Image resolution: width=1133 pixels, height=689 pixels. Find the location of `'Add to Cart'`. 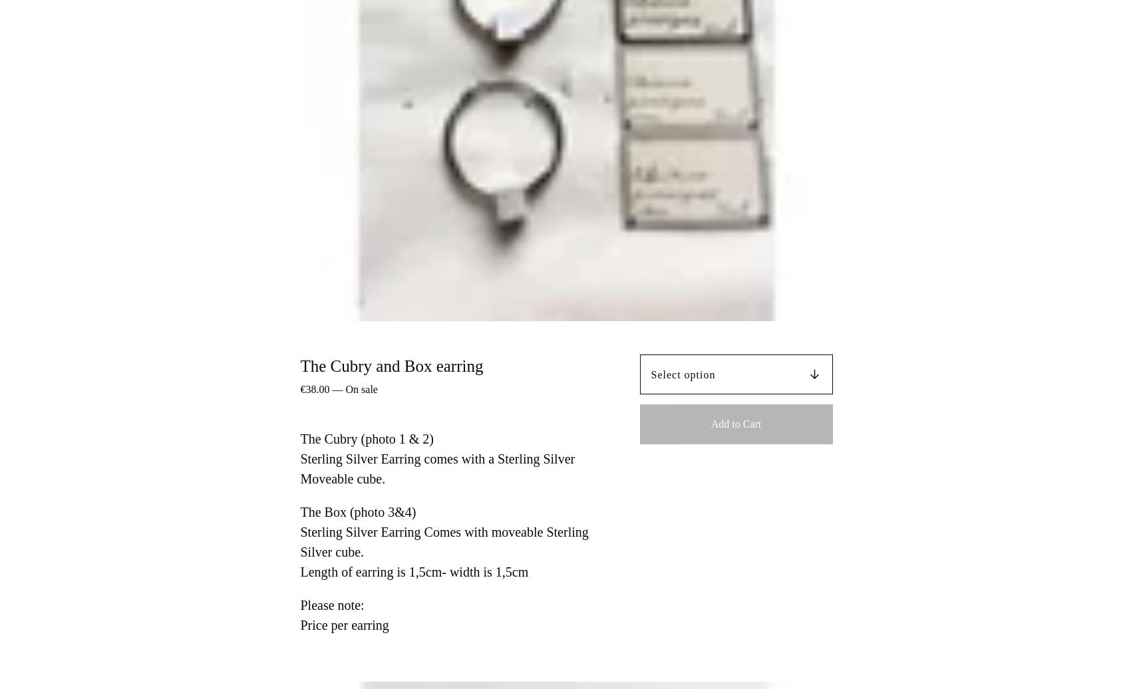

'Add to Cart' is located at coordinates (735, 423).